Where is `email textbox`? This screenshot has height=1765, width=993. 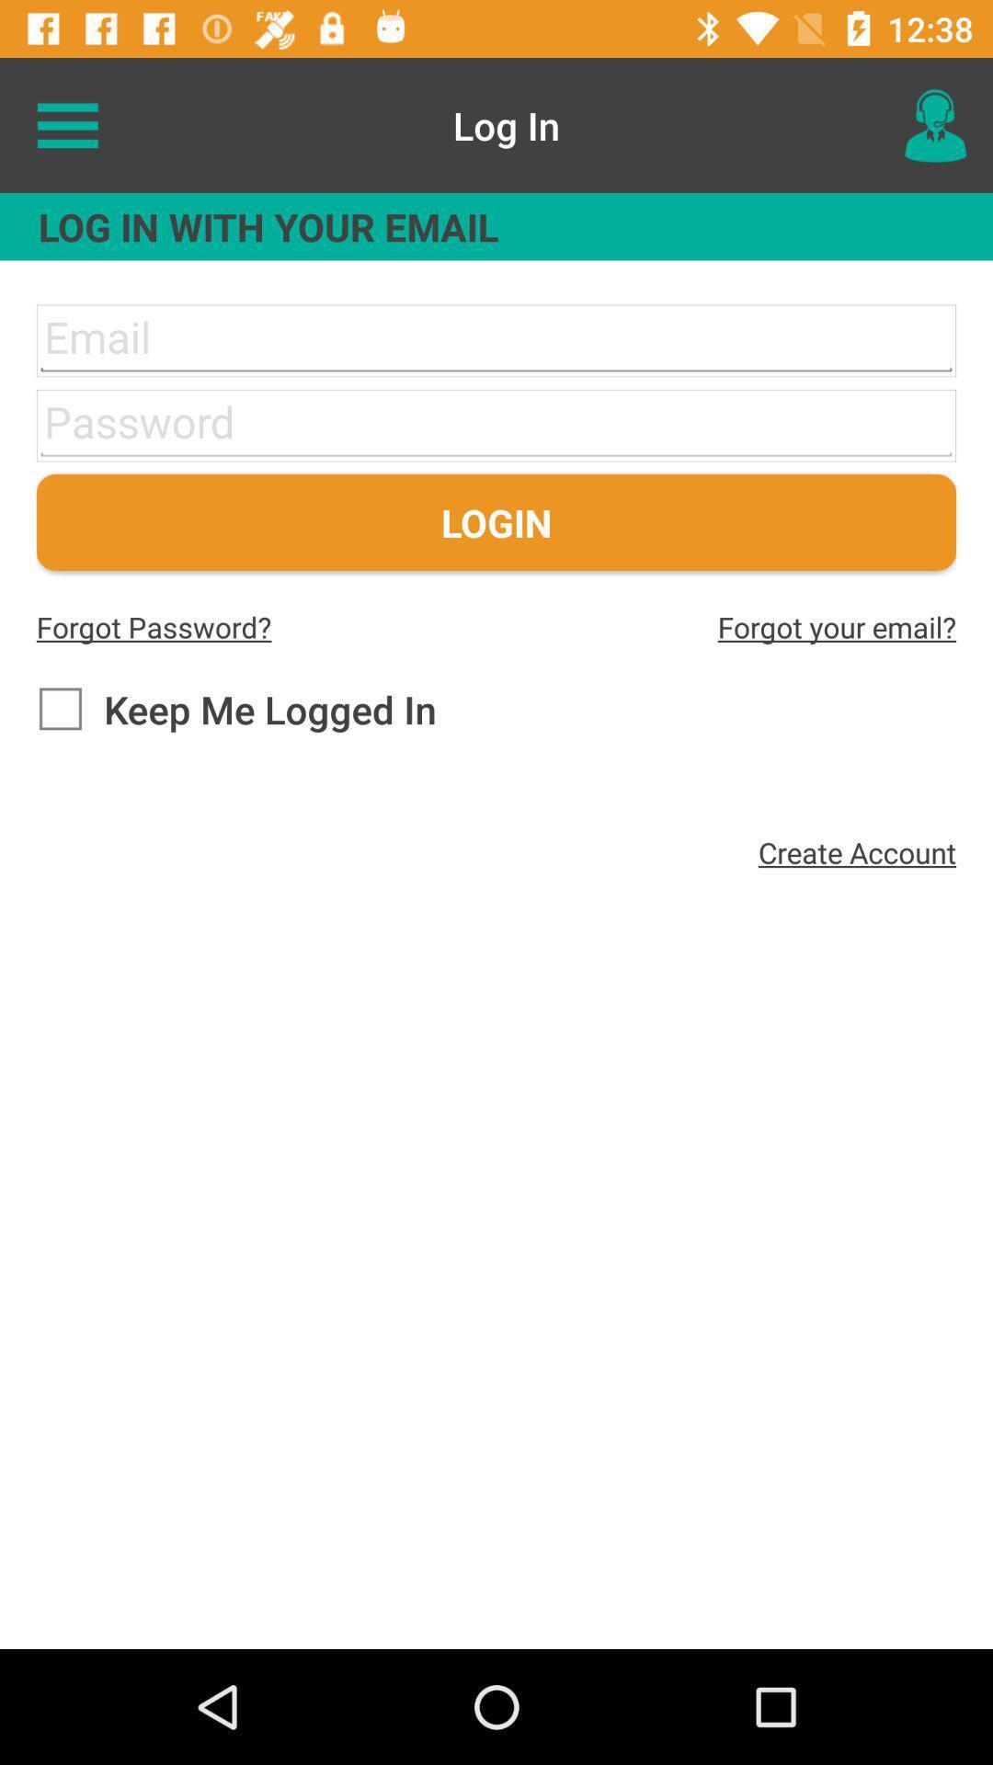
email textbox is located at coordinates (496, 340).